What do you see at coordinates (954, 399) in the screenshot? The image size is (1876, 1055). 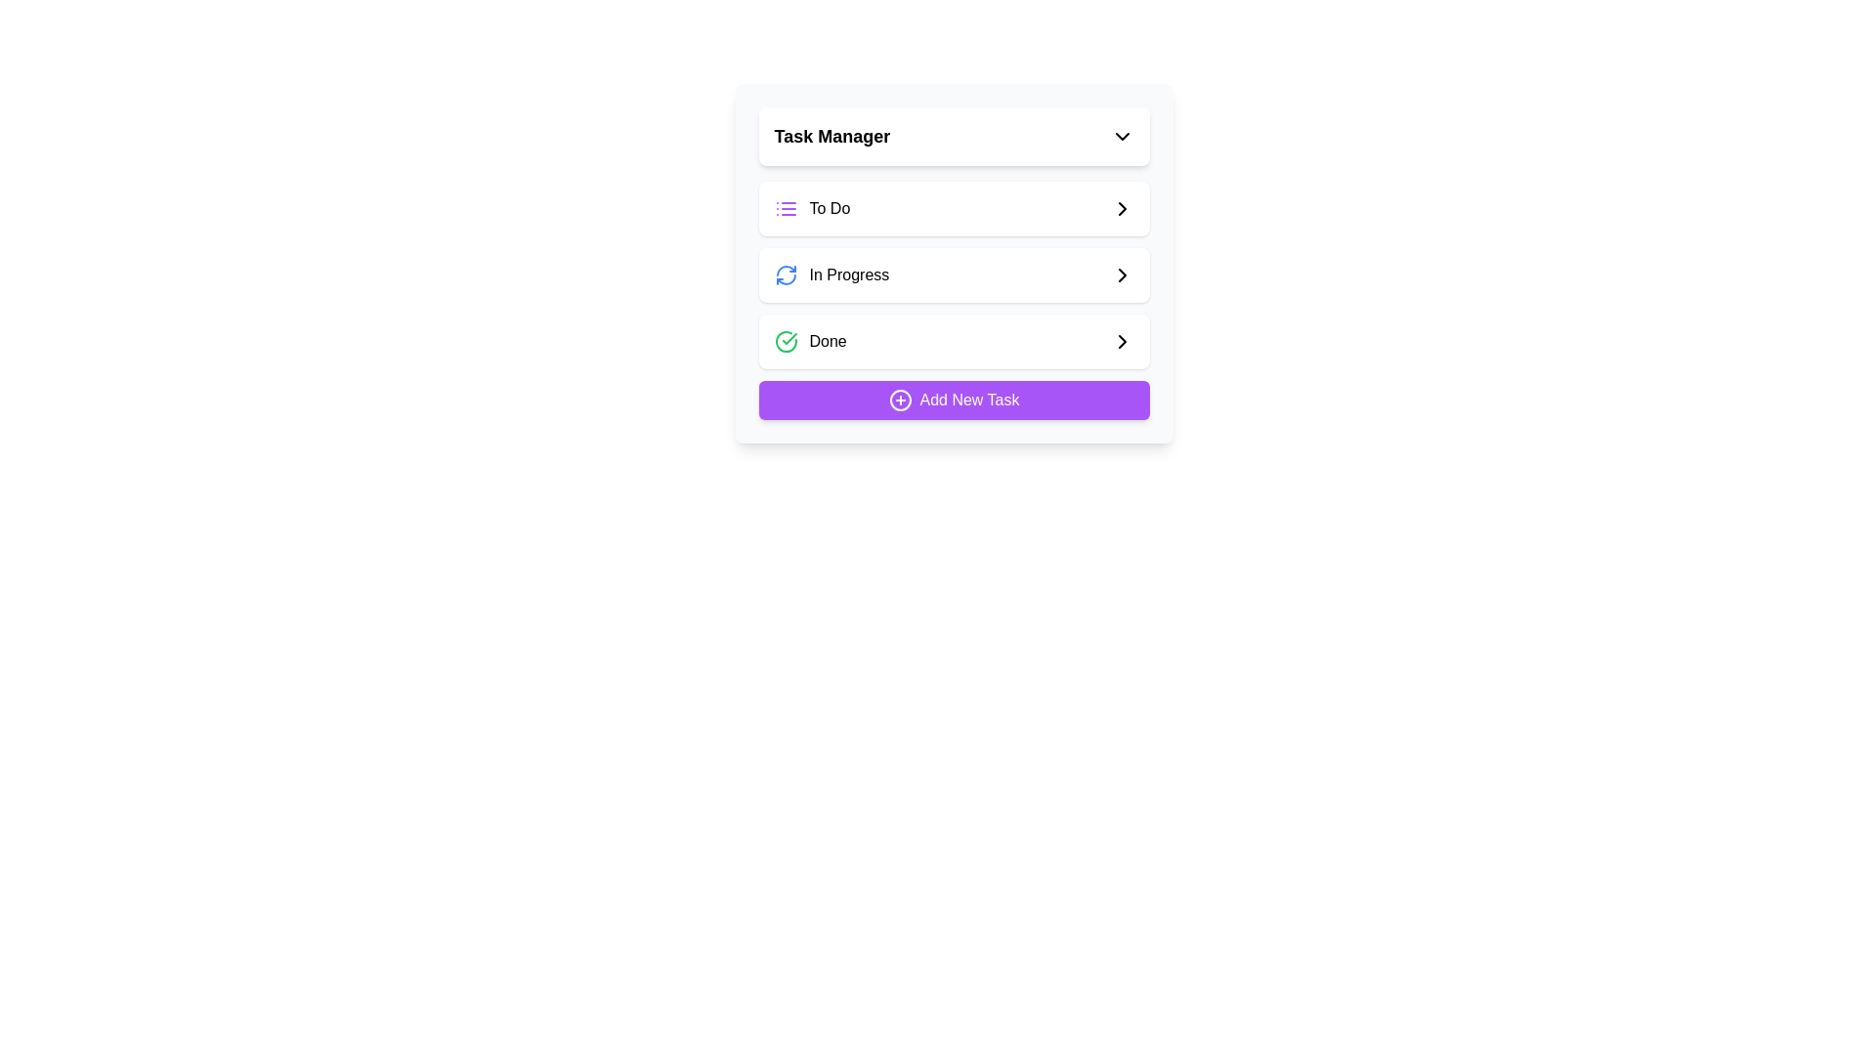 I see `the large rectangular button with rounded edges, purple background, and white text 'Add New Task'` at bounding box center [954, 399].